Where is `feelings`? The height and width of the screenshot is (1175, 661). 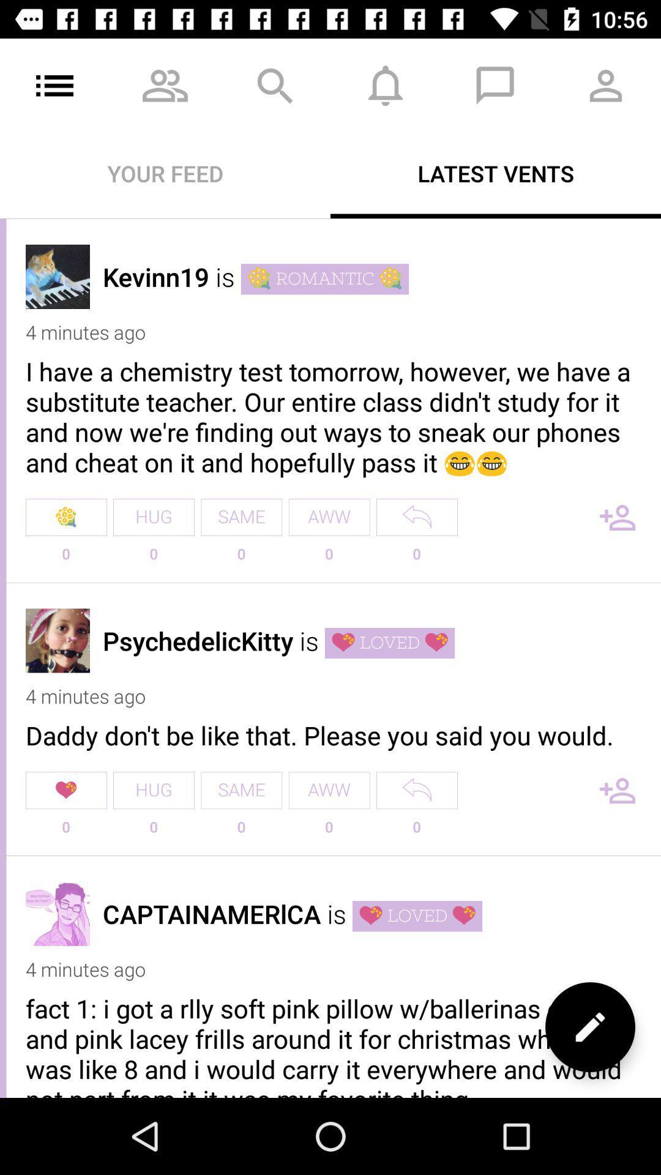
feelings is located at coordinates (589, 1027).